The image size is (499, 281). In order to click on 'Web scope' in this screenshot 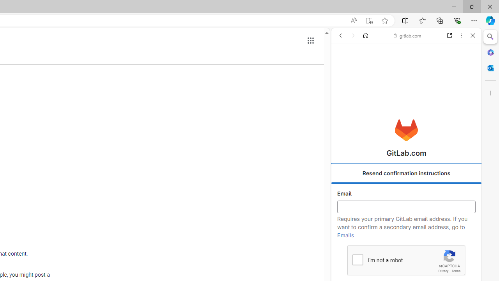, I will do `click(343, 70)`.